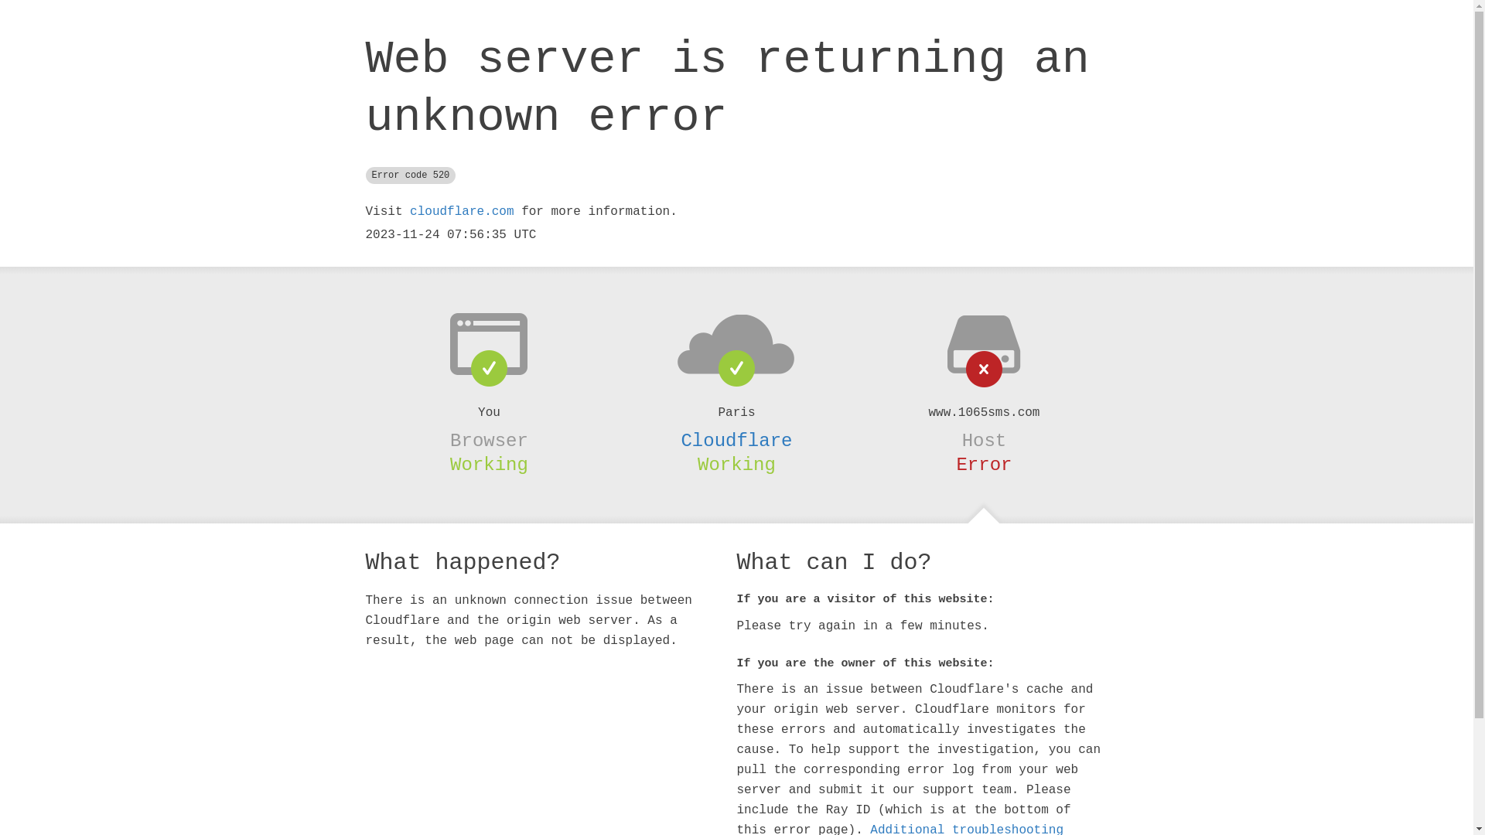 This screenshot has height=835, width=1485. Describe the element at coordinates (680, 441) in the screenshot. I see `'Cloudflare'` at that location.